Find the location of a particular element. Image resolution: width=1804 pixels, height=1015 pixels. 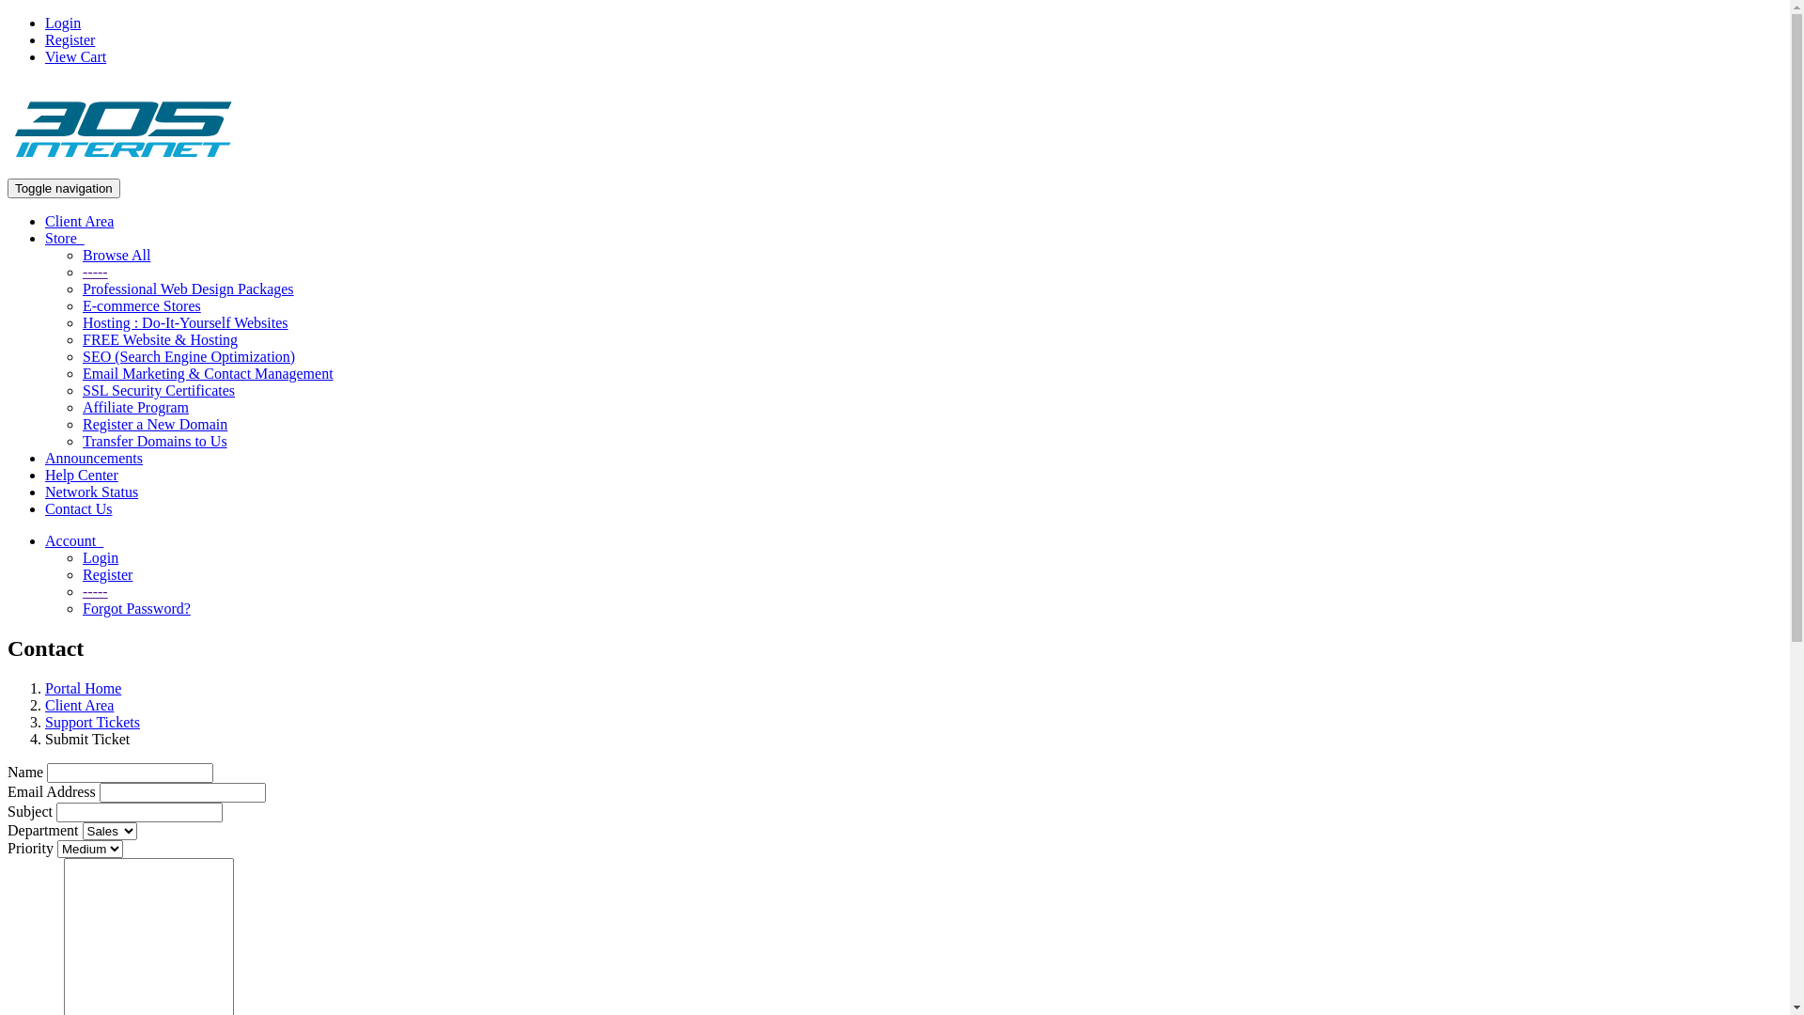

'Help Center' is located at coordinates (80, 474).